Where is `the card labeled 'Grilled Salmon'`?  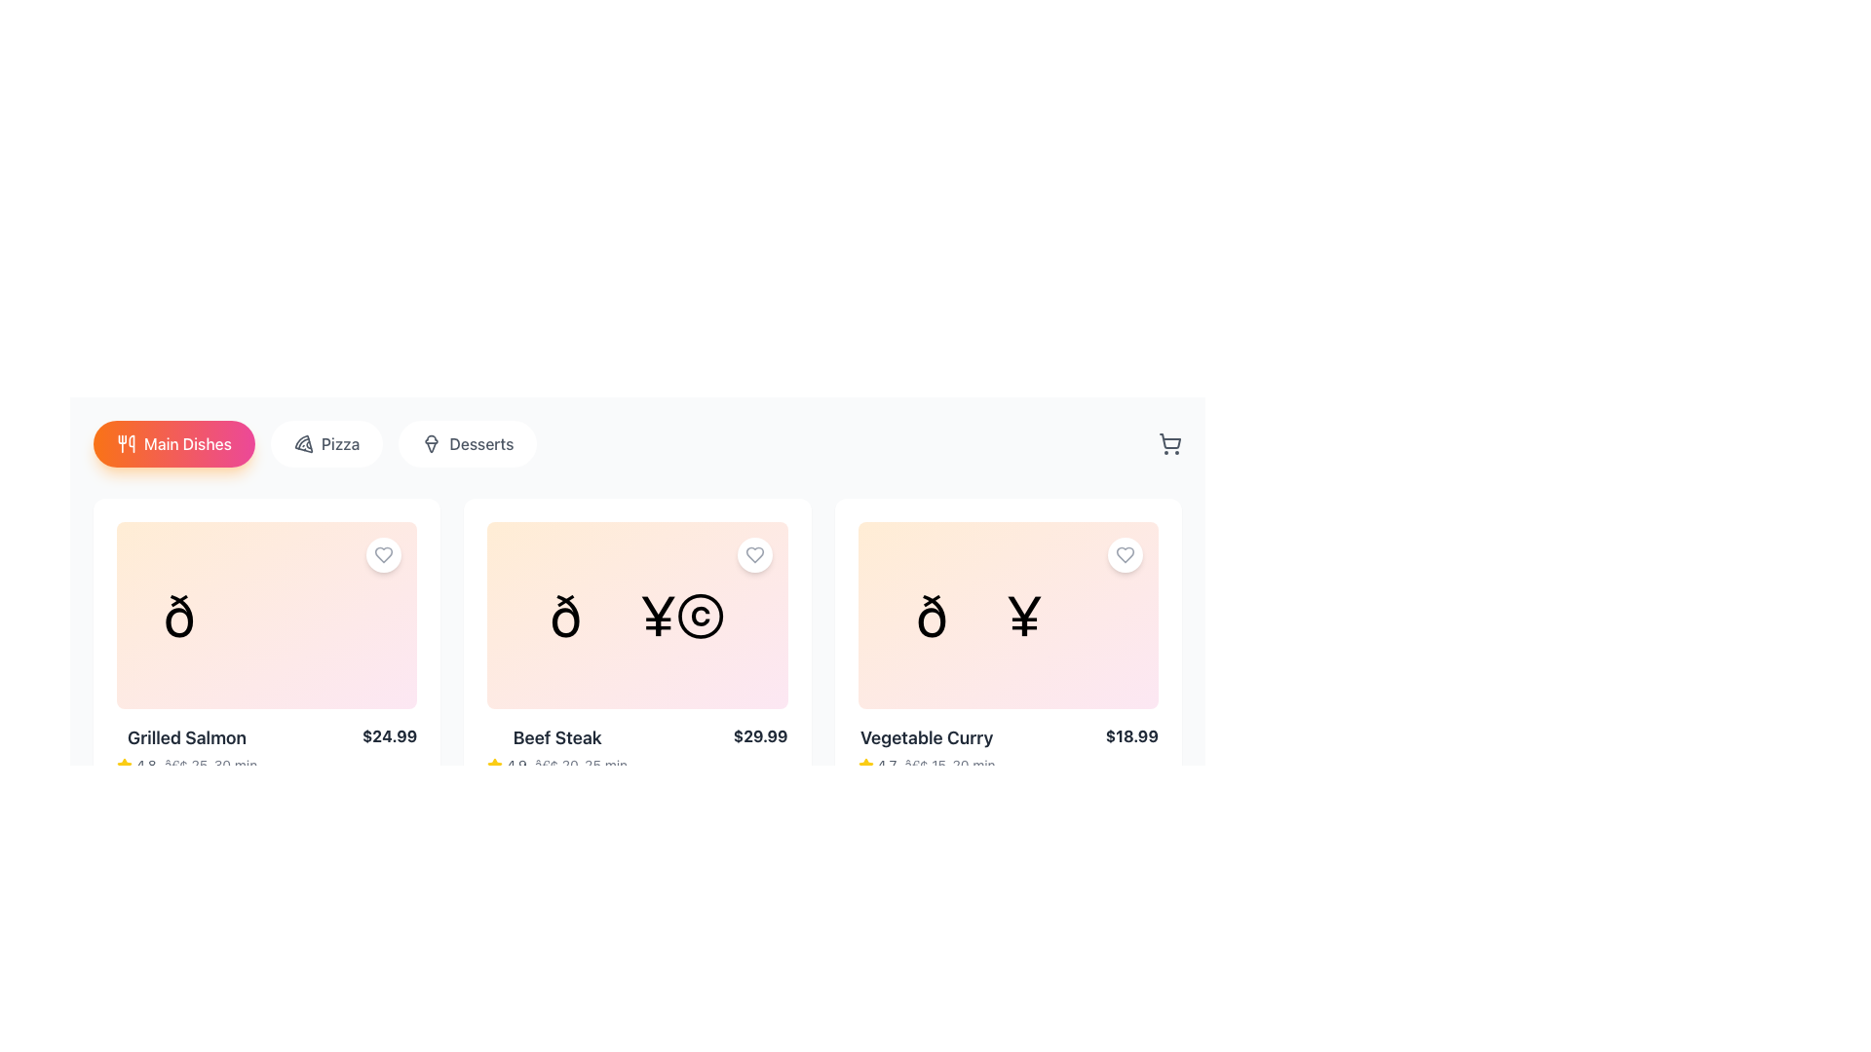 the card labeled 'Grilled Salmon' is located at coordinates (266, 672).